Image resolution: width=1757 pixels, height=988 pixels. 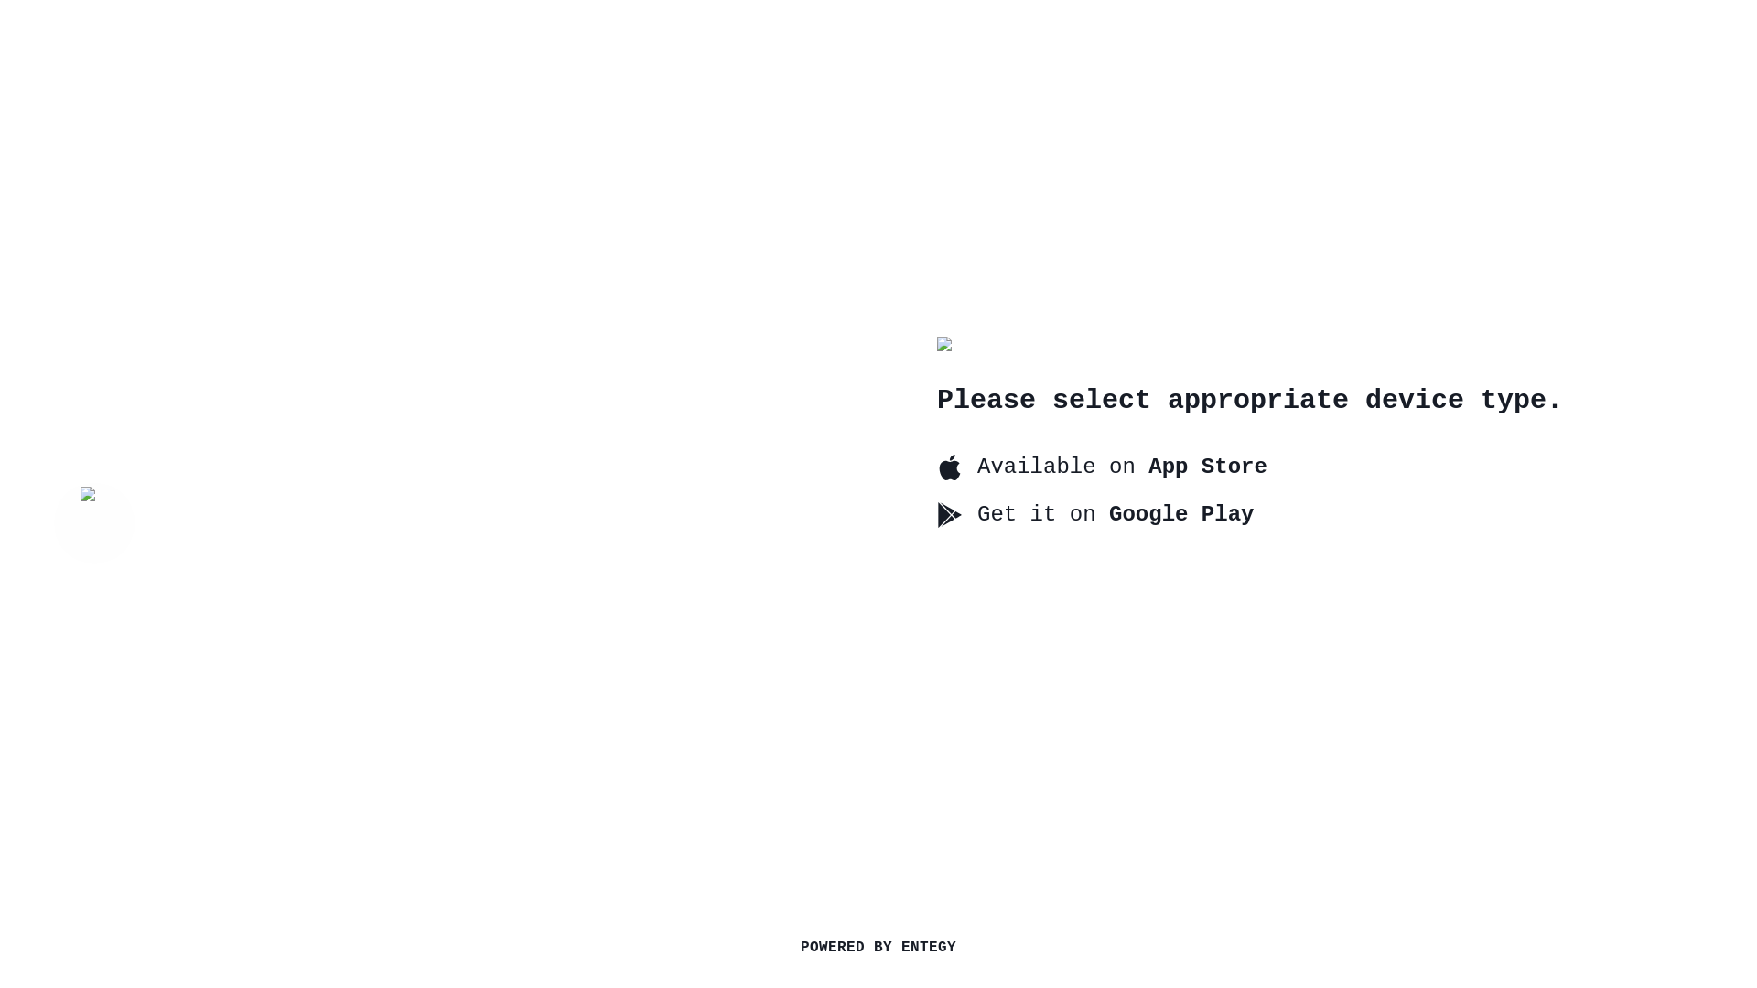 What do you see at coordinates (1101, 514) in the screenshot?
I see `'Get it on Google Play'` at bounding box center [1101, 514].